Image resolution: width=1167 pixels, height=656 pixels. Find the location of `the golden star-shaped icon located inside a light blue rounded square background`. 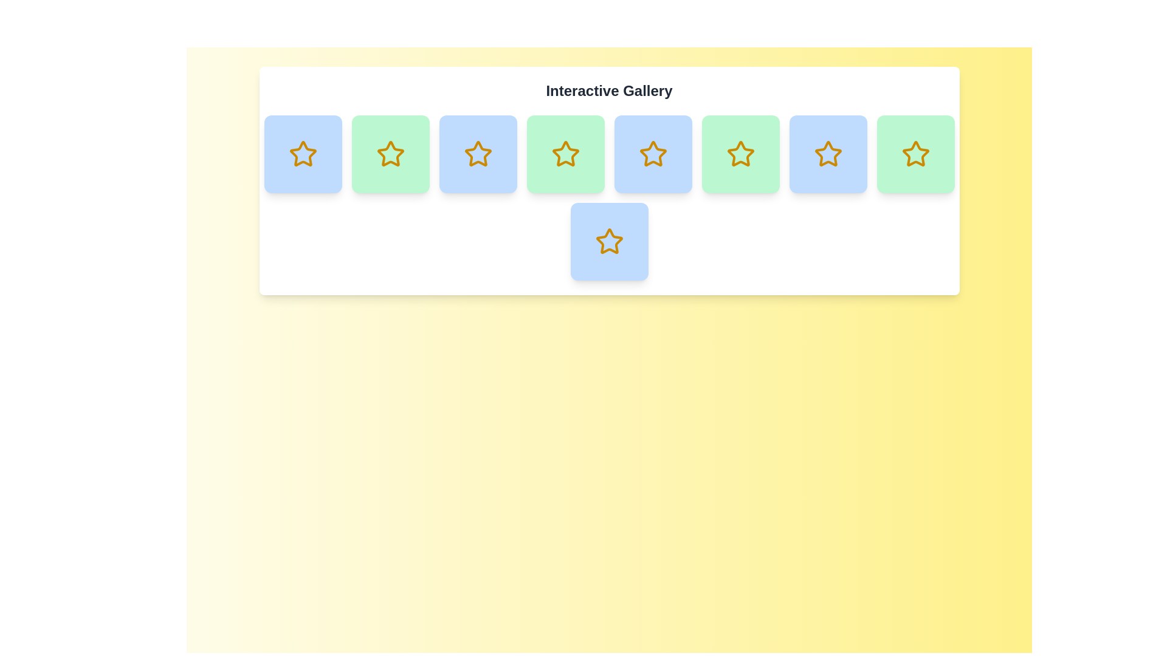

the golden star-shaped icon located inside a light blue rounded square background is located at coordinates (303, 154).